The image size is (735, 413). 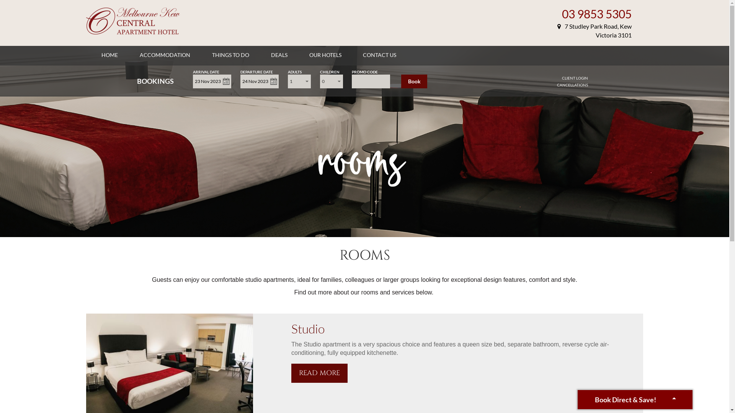 What do you see at coordinates (279, 54) in the screenshot?
I see `'DEALS'` at bounding box center [279, 54].